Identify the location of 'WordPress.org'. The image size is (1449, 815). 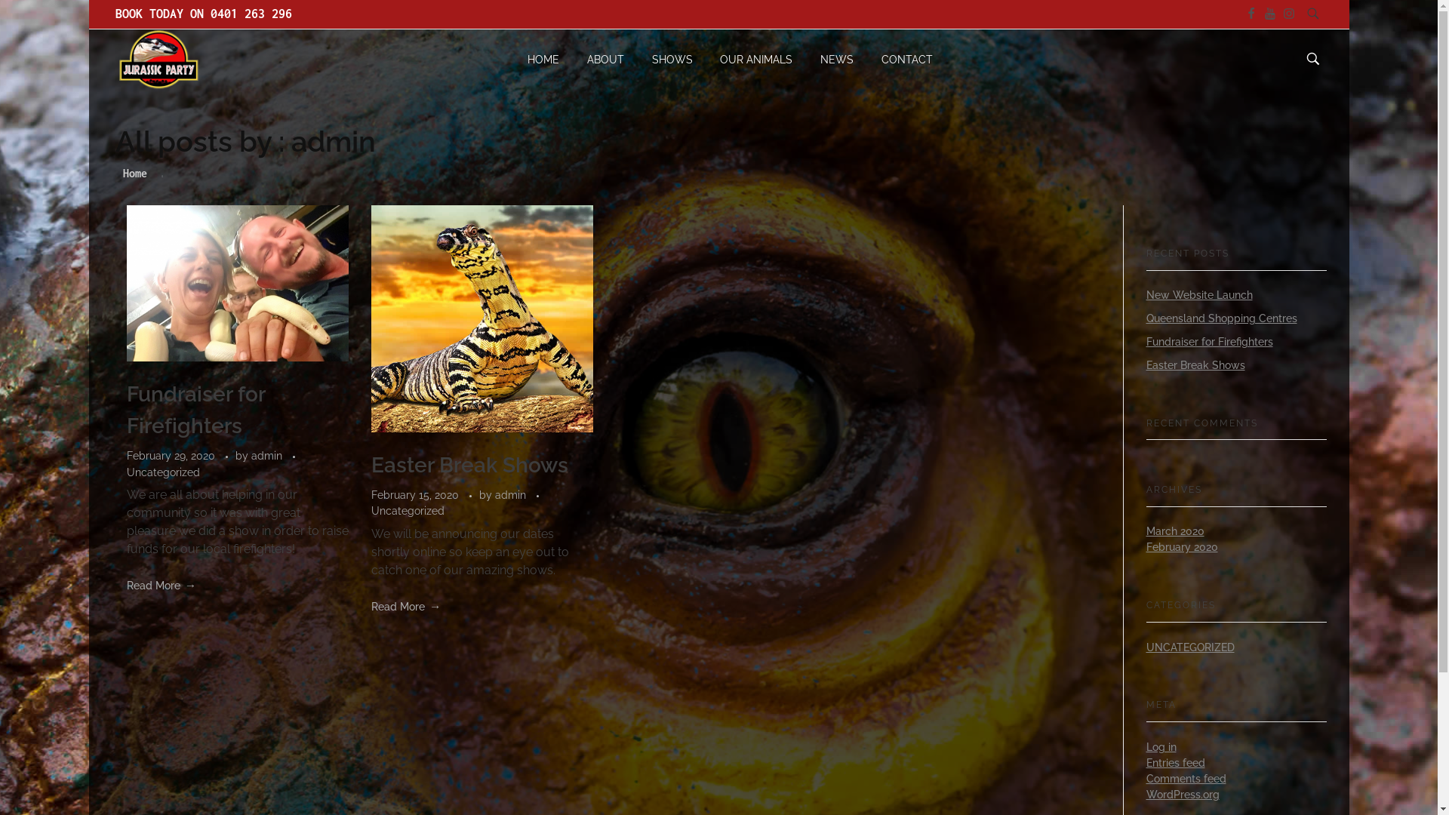
(1181, 794).